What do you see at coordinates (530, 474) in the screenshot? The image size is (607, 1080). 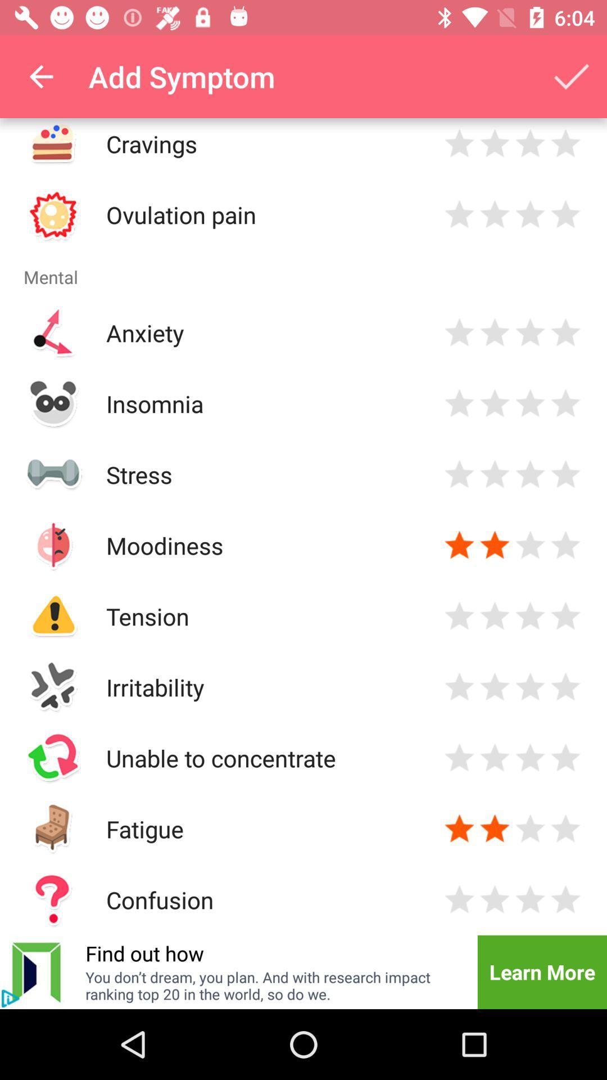 I see `rates stress level at three stars` at bounding box center [530, 474].